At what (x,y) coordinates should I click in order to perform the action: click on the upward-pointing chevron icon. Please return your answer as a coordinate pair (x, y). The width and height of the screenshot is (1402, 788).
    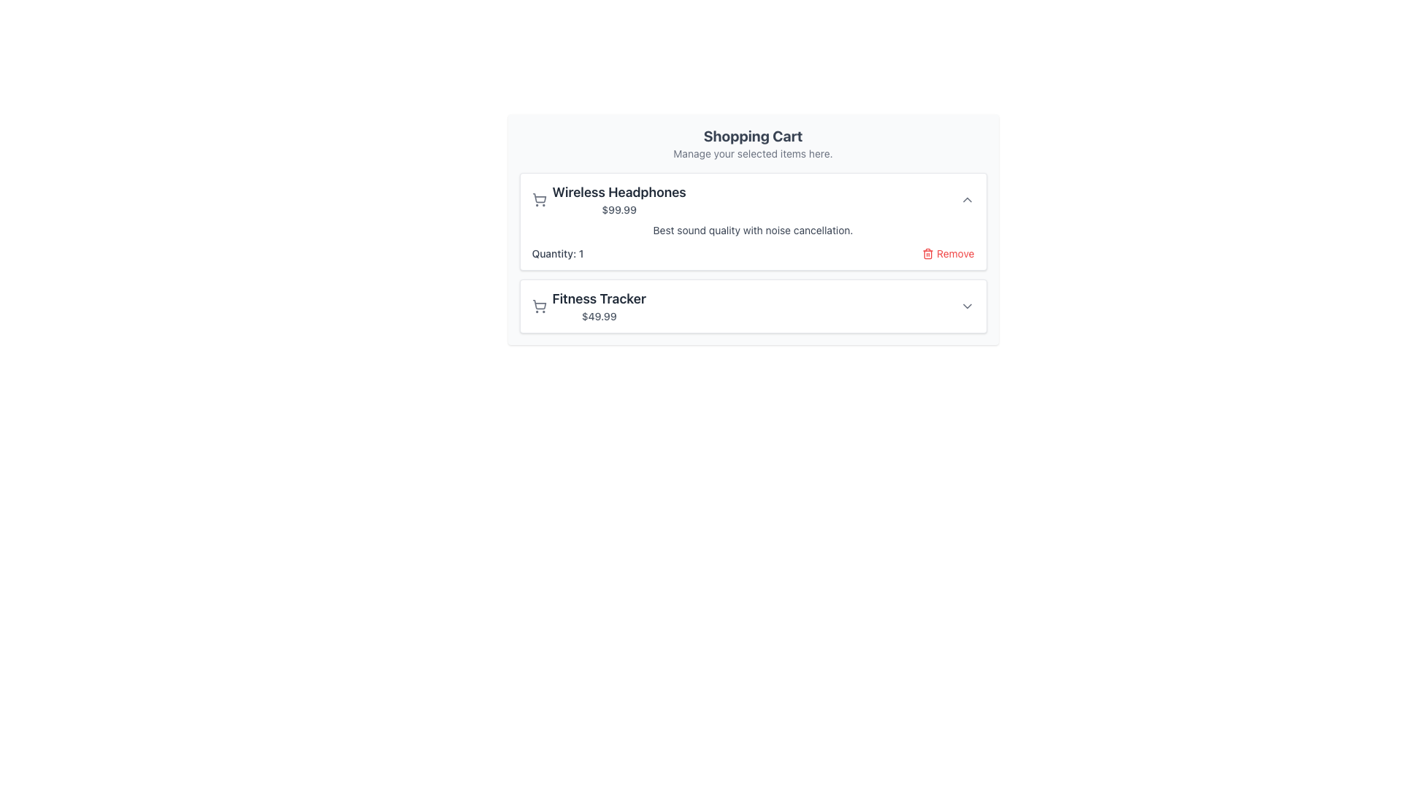
    Looking at the image, I should click on (967, 199).